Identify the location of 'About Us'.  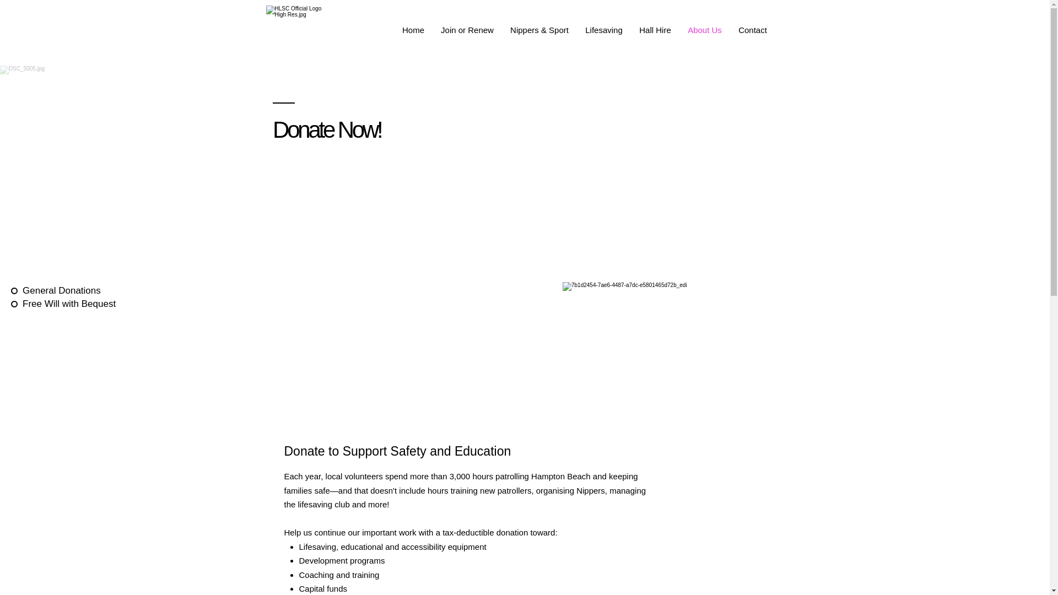
(704, 29).